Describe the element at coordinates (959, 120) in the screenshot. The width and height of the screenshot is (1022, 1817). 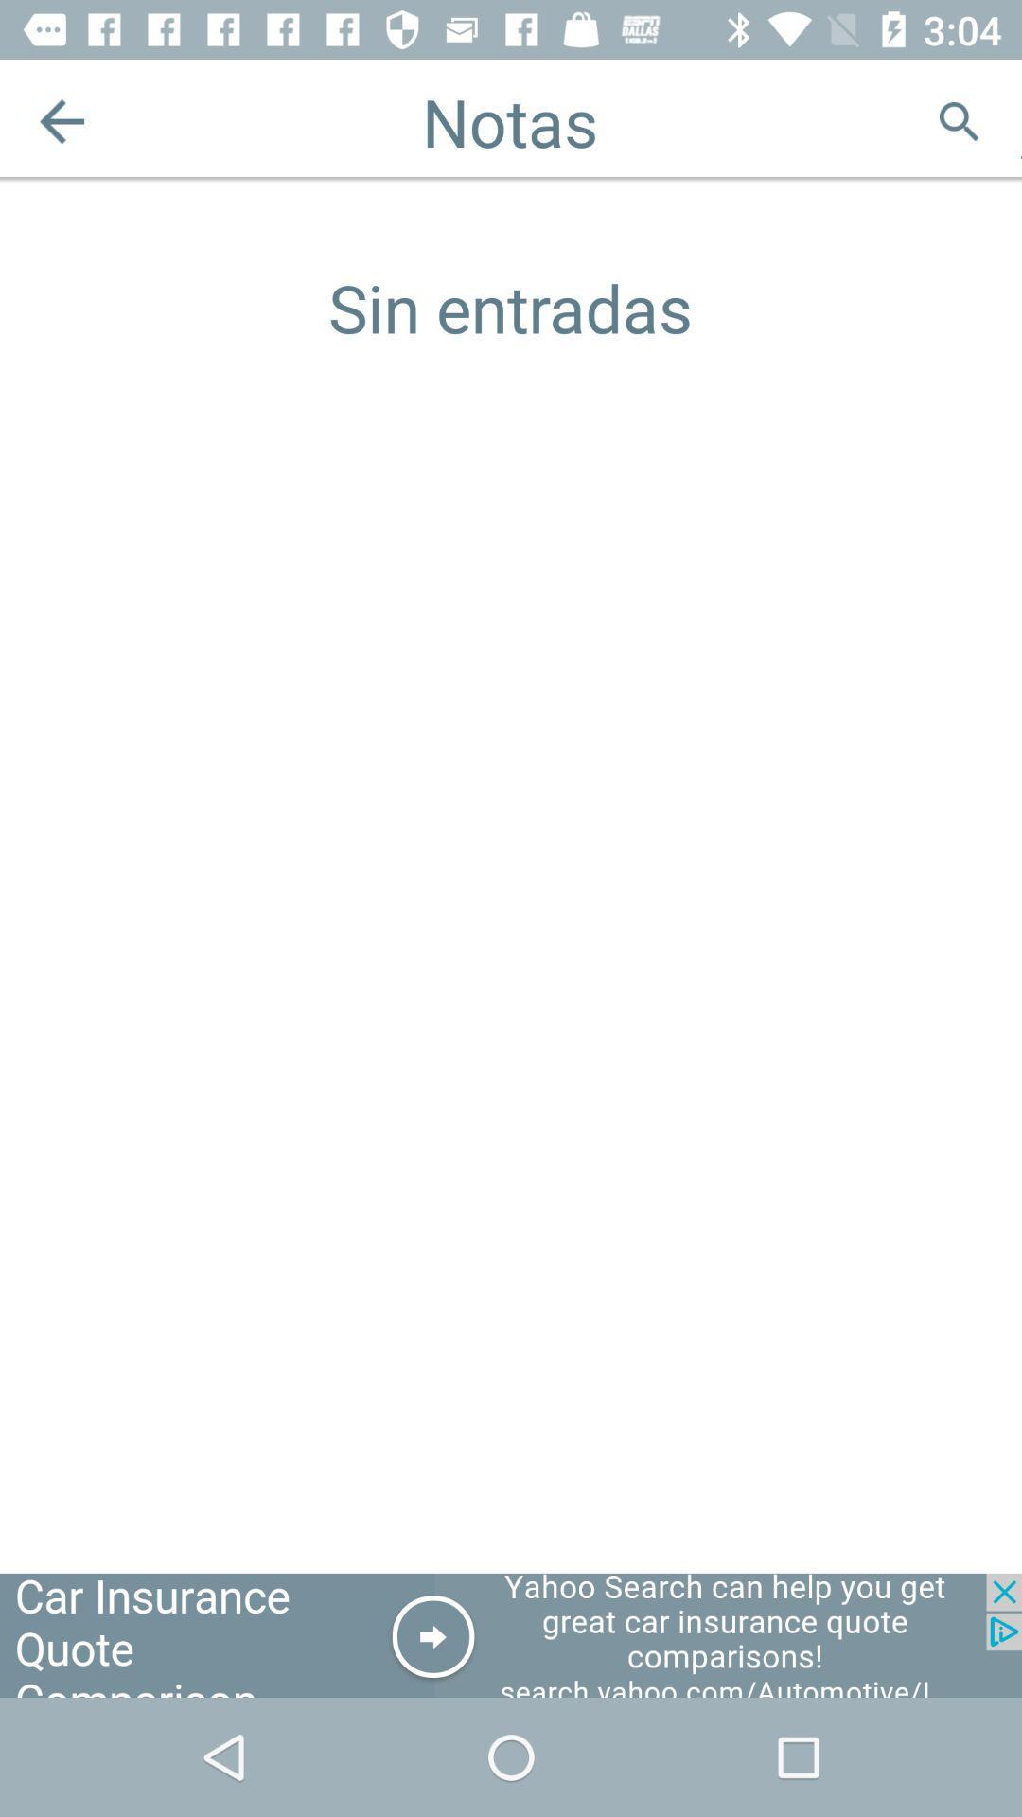
I see `the search icon` at that location.